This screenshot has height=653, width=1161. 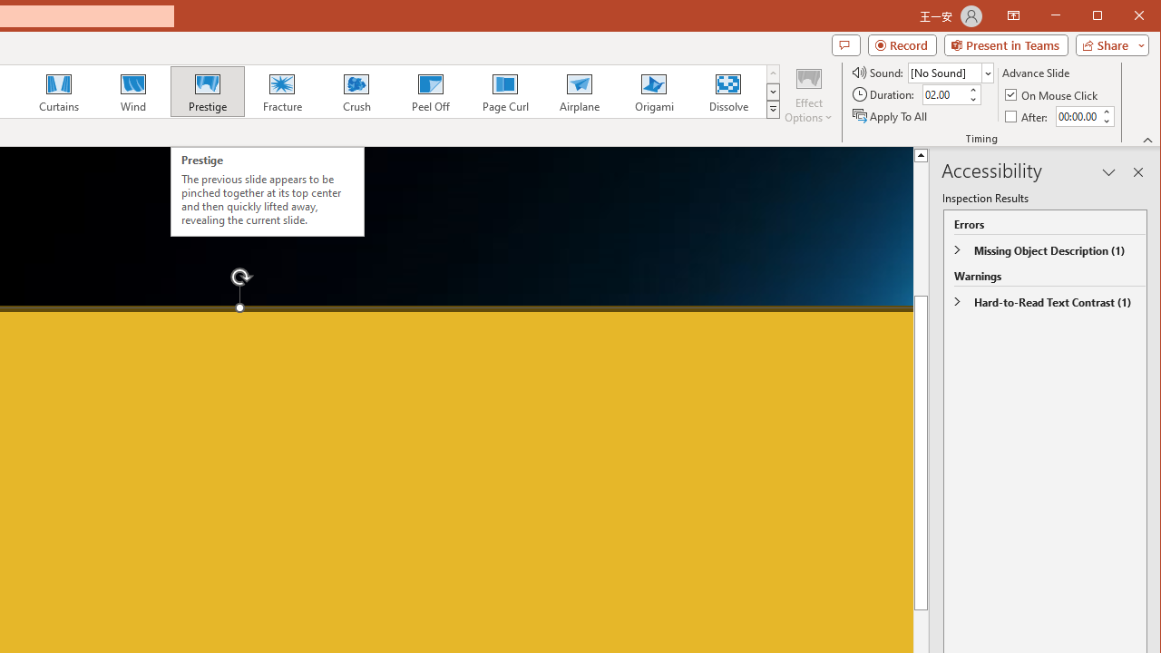 I want to click on 'Dissolve', so click(x=727, y=91).